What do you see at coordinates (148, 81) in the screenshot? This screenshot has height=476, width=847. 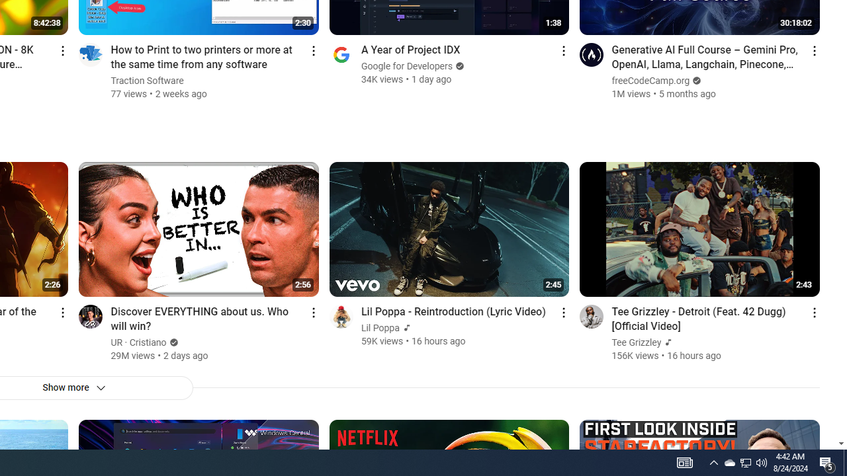 I see `'Traction Software'` at bounding box center [148, 81].